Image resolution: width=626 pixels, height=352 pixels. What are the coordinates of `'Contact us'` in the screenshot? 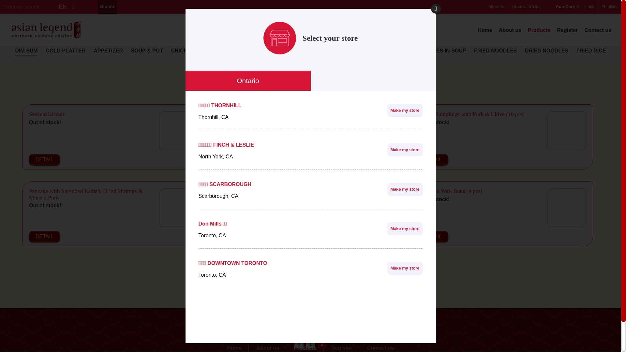 It's located at (598, 30).